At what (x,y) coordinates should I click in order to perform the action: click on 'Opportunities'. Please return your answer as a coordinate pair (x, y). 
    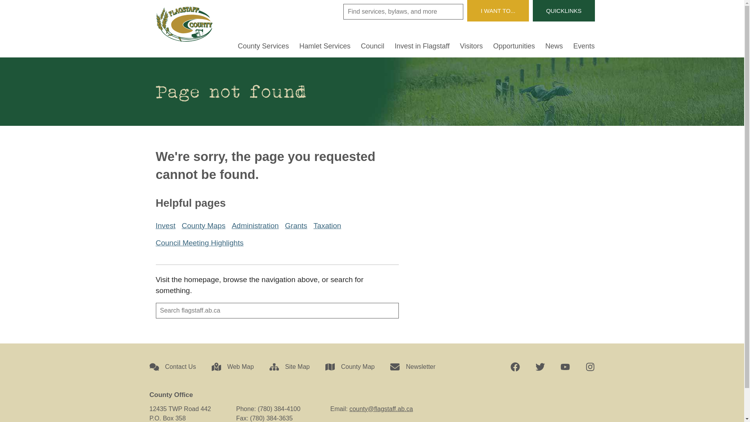
    Looking at the image, I should click on (514, 48).